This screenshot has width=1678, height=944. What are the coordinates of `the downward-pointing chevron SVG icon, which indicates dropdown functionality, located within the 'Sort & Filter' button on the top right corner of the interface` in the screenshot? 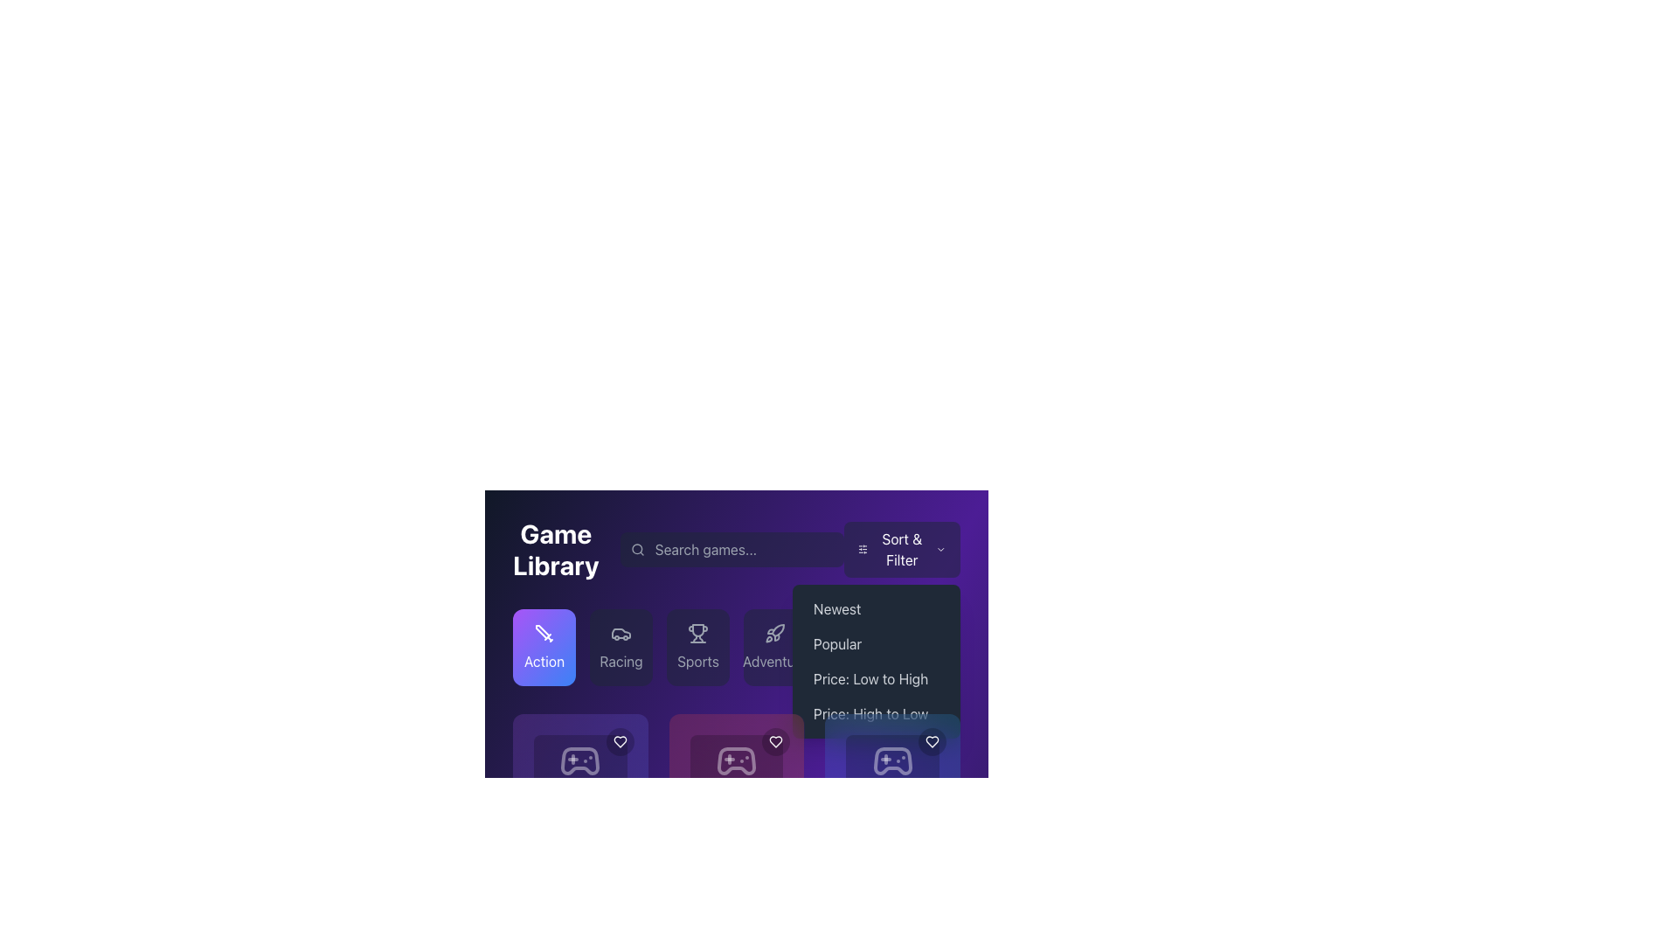 It's located at (940, 548).